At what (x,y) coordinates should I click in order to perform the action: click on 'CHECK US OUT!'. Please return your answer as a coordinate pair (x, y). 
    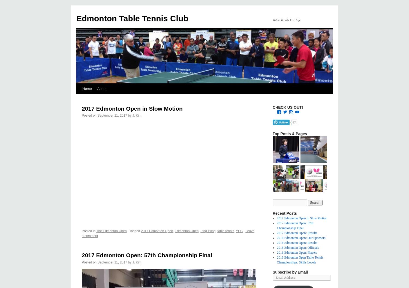
    Looking at the image, I should click on (273, 107).